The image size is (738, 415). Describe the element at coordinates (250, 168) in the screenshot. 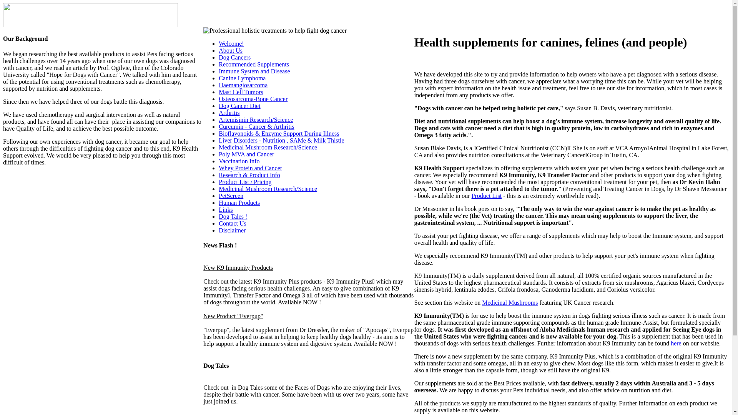

I see `'Whey Protein and Cancer'` at that location.